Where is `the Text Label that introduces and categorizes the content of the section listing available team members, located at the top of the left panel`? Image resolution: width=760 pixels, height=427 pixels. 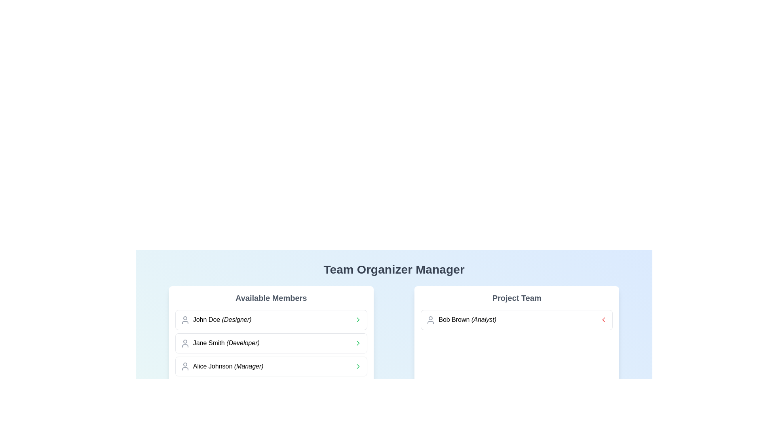
the Text Label that introduces and categorizes the content of the section listing available team members, located at the top of the left panel is located at coordinates (271, 298).